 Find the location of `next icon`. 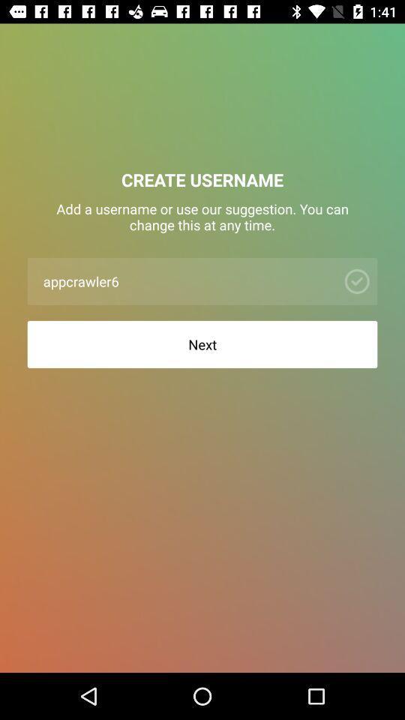

next icon is located at coordinates (202, 344).